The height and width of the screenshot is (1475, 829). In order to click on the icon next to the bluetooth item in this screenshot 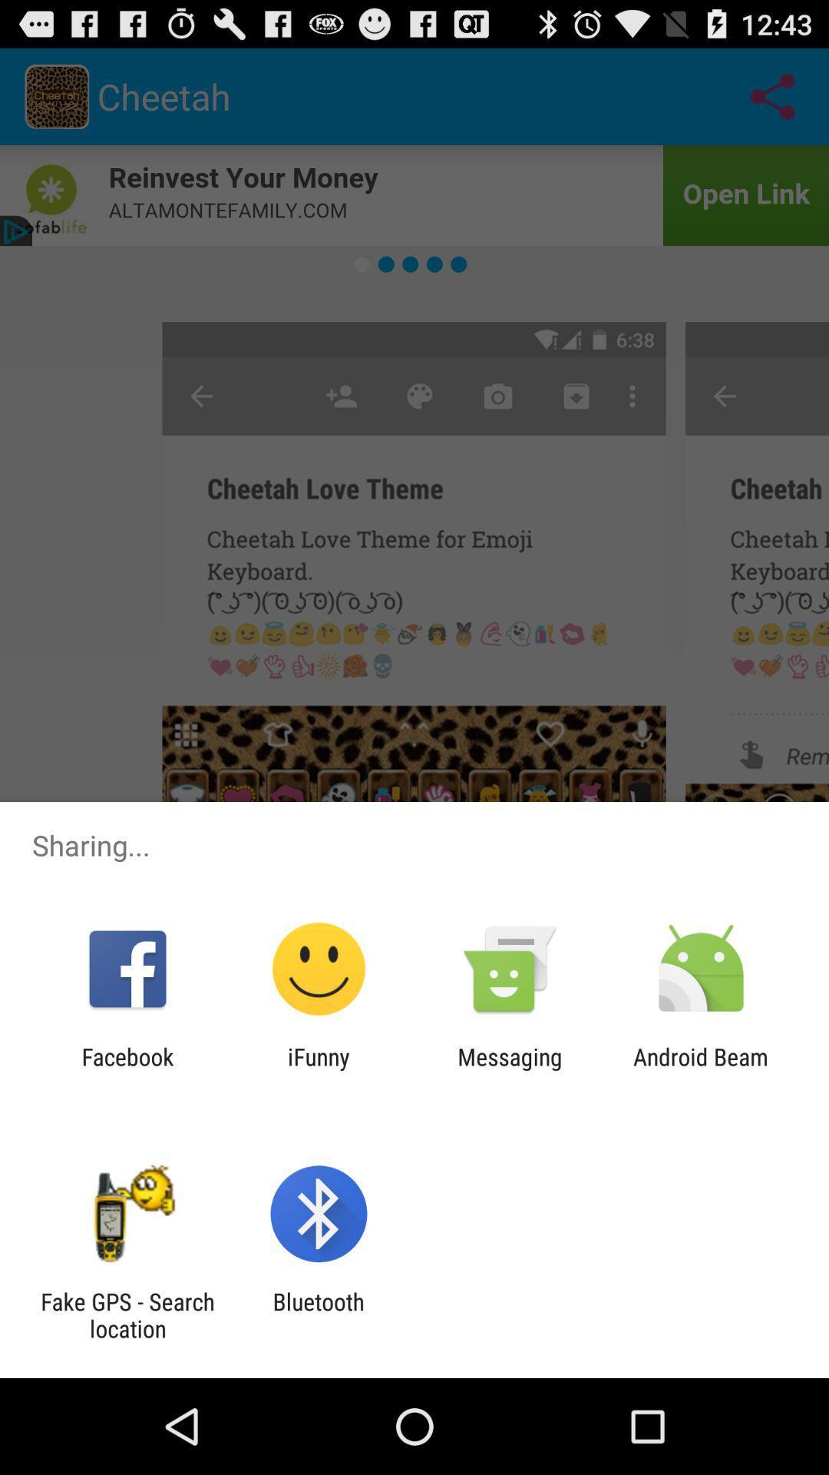, I will do `click(127, 1314)`.